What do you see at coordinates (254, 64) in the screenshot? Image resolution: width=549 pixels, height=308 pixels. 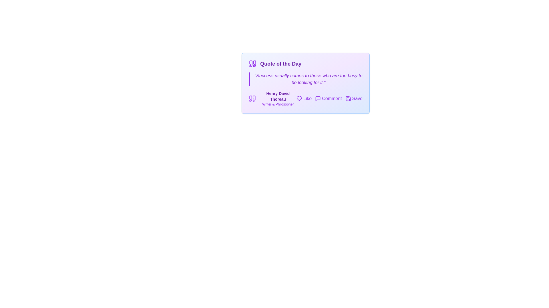 I see `the right quotation mark icon in the 'Quote of the Day' box, which is styled with a bold purple outline` at bounding box center [254, 64].